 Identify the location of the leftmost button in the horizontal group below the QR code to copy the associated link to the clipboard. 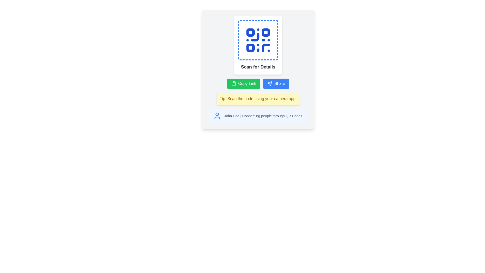
(244, 83).